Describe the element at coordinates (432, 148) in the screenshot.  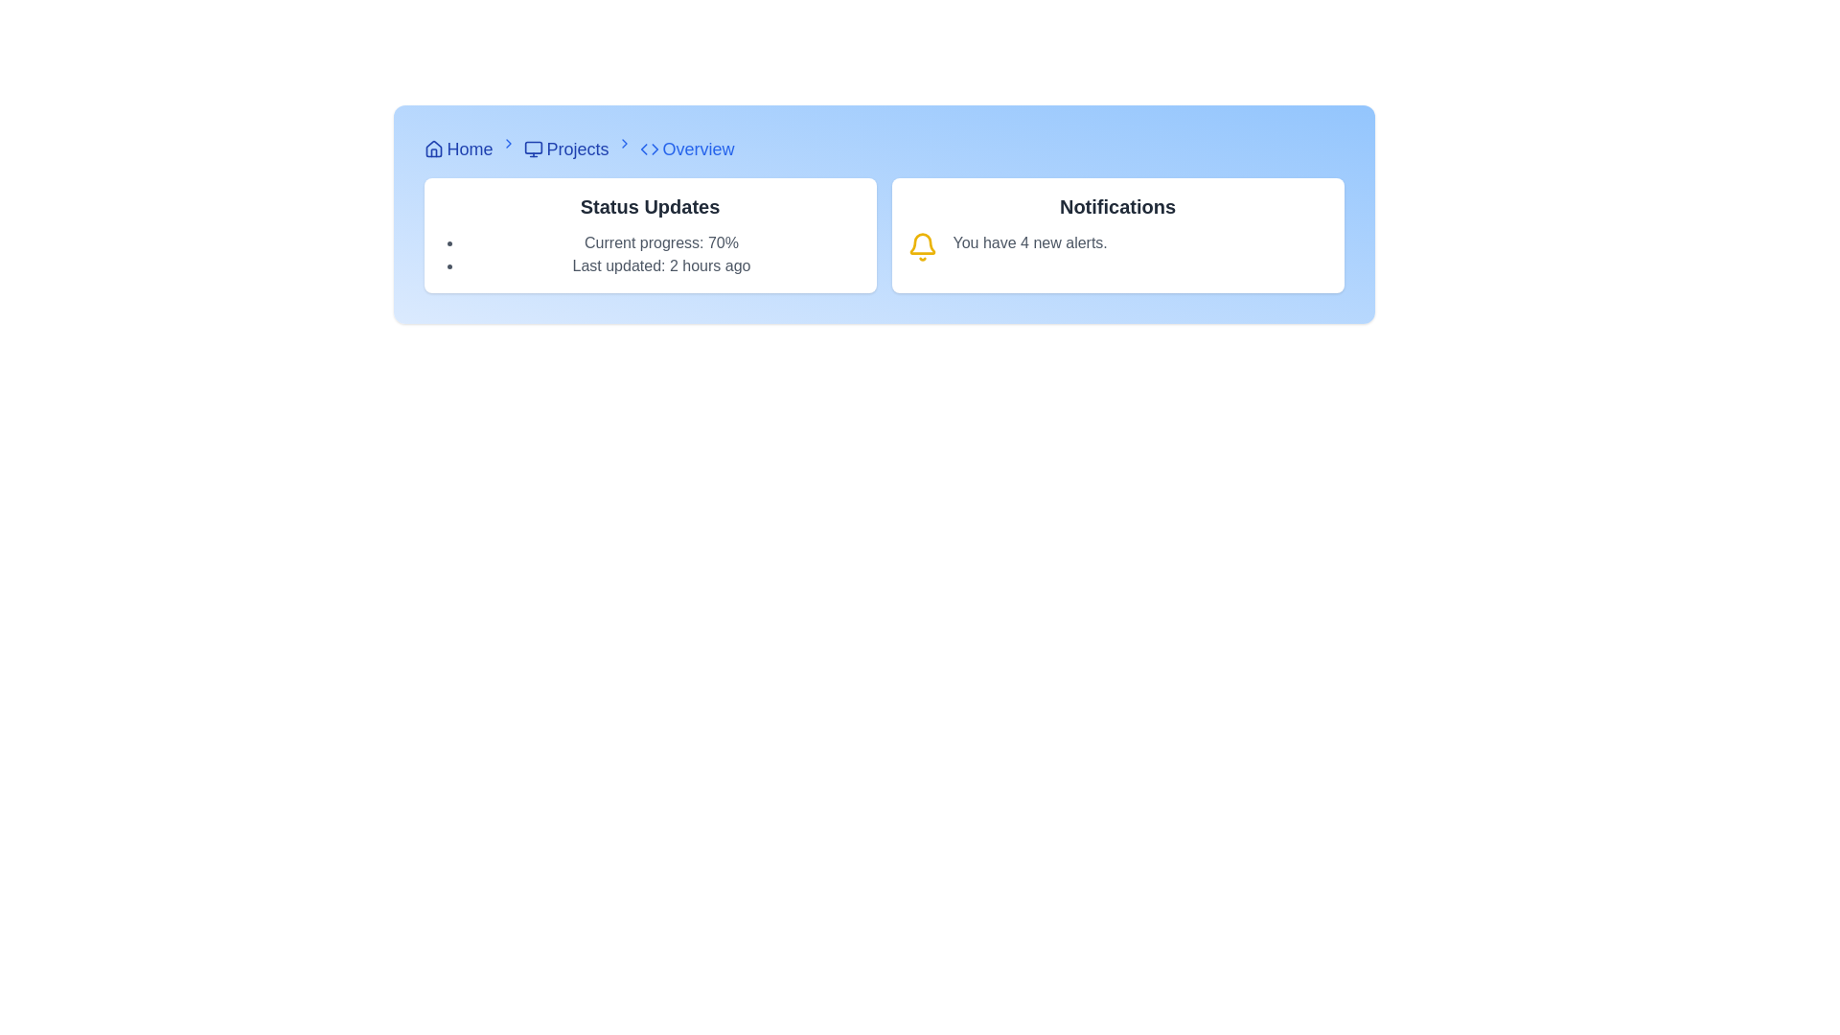
I see `the main roof part of the house icon in the breadcrumb navigation bar labeled 'Home'` at that location.